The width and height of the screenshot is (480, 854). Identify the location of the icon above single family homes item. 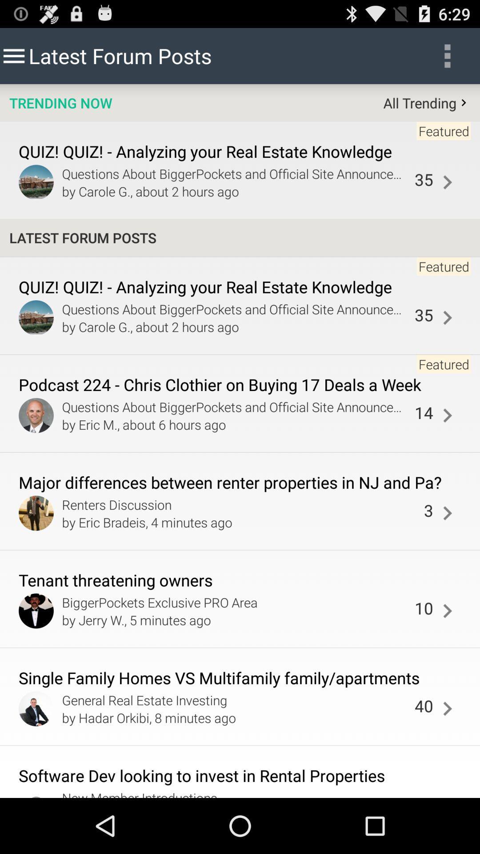
(423, 608).